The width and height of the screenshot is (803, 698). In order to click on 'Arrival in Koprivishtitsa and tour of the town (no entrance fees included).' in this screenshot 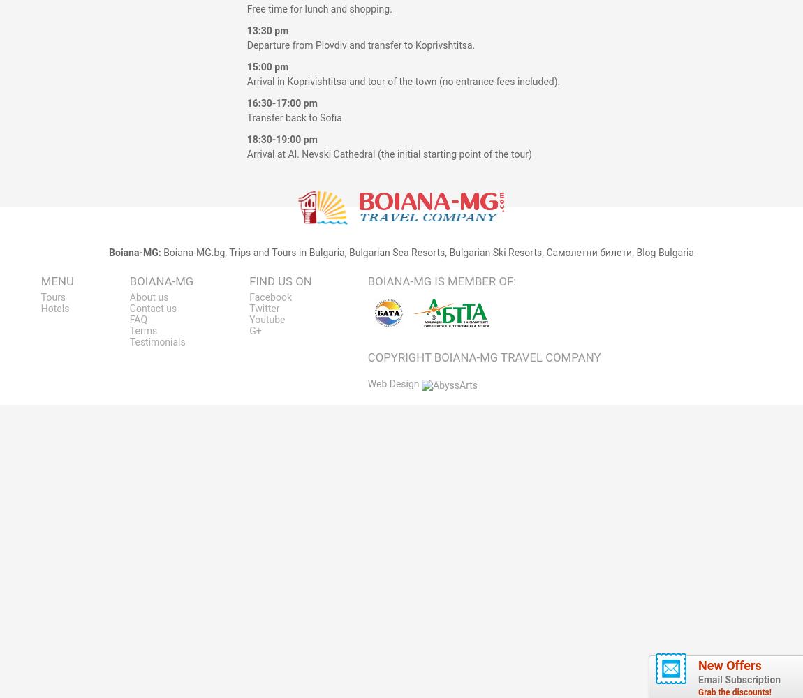, I will do `click(402, 81)`.